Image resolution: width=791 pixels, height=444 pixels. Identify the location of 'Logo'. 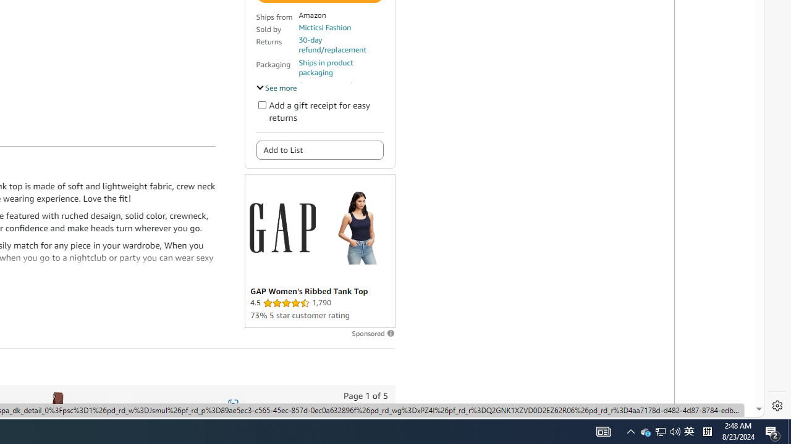
(281, 228).